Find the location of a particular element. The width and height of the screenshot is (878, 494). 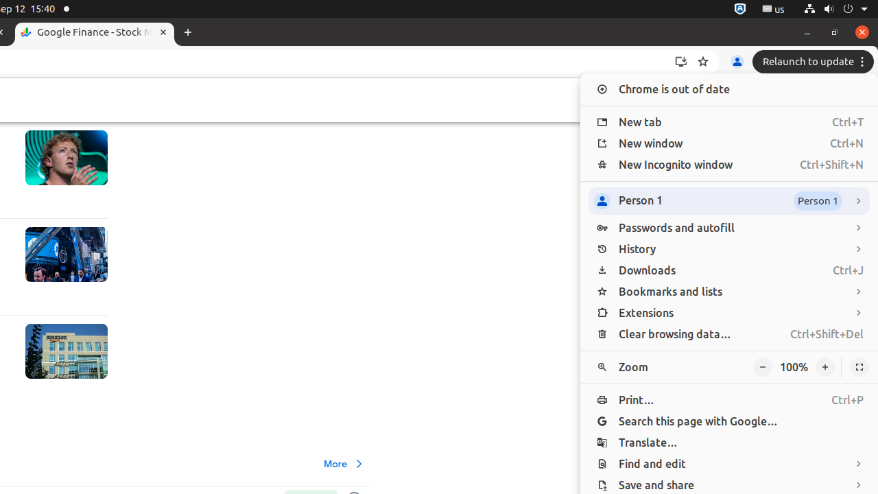

'Downloads Ctrl+J' is located at coordinates (728, 270).